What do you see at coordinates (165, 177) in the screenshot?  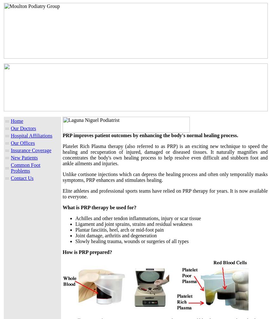 I see `'Unlike cortisone injections which can depress the healing process and often only temporalily masks symptoms, PRP enhances and stimulates healing.'` at bounding box center [165, 177].